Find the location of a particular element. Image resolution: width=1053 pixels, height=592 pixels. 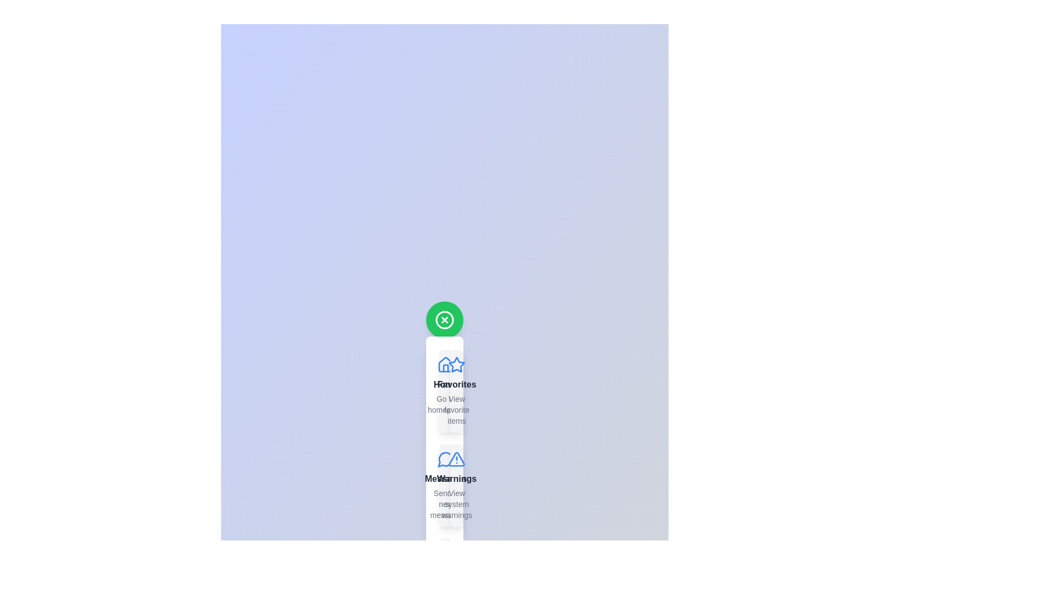

the menu item labeled Warnings is located at coordinates (457, 485).